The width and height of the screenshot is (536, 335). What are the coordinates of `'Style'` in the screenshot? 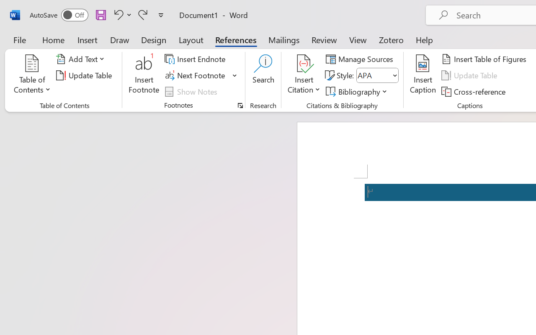 It's located at (373, 75).